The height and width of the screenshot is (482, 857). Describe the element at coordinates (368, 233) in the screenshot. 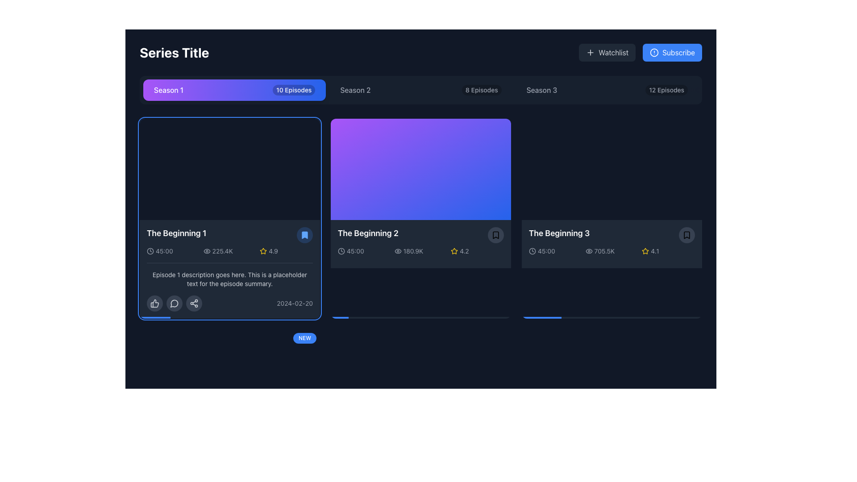

I see `the Text Label that displays the title of an episode, located in the lower half of the middle card in a grid of episodes, above the episode duration, view count, and rating information` at that location.